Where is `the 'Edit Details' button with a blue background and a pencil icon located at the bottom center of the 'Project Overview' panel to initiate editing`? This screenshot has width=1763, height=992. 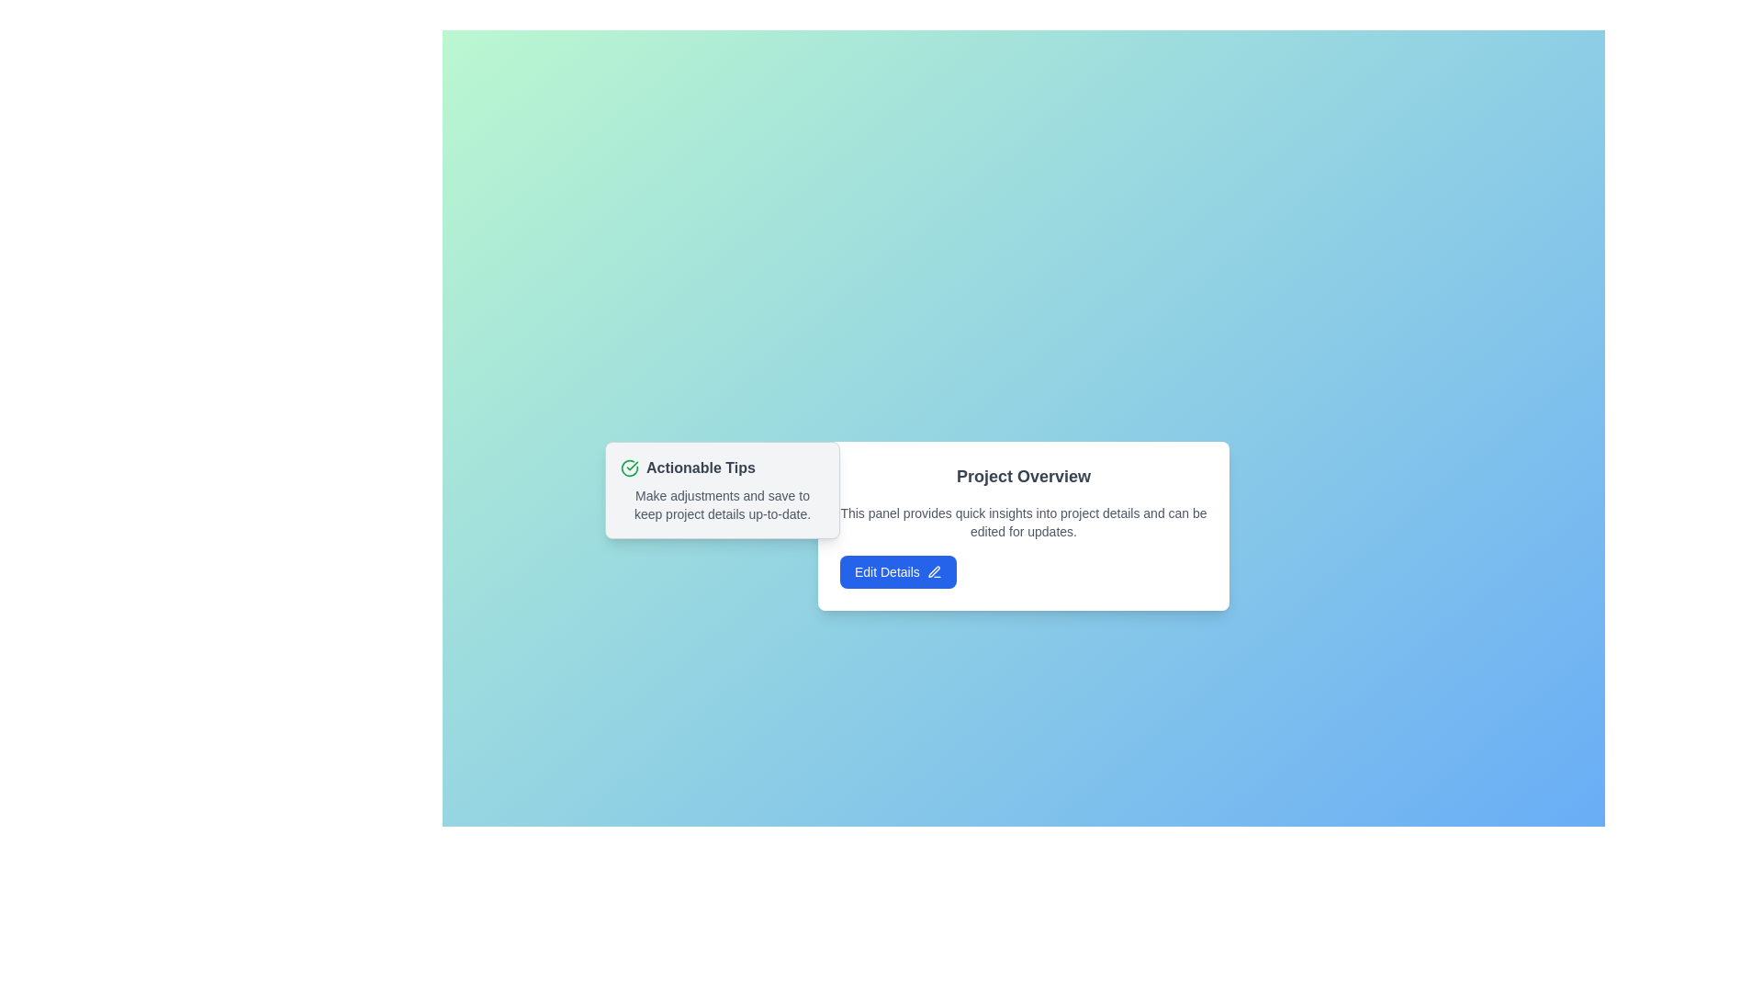
the 'Edit Details' button with a blue background and a pencil icon located at the bottom center of the 'Project Overview' panel to initiate editing is located at coordinates (898, 571).